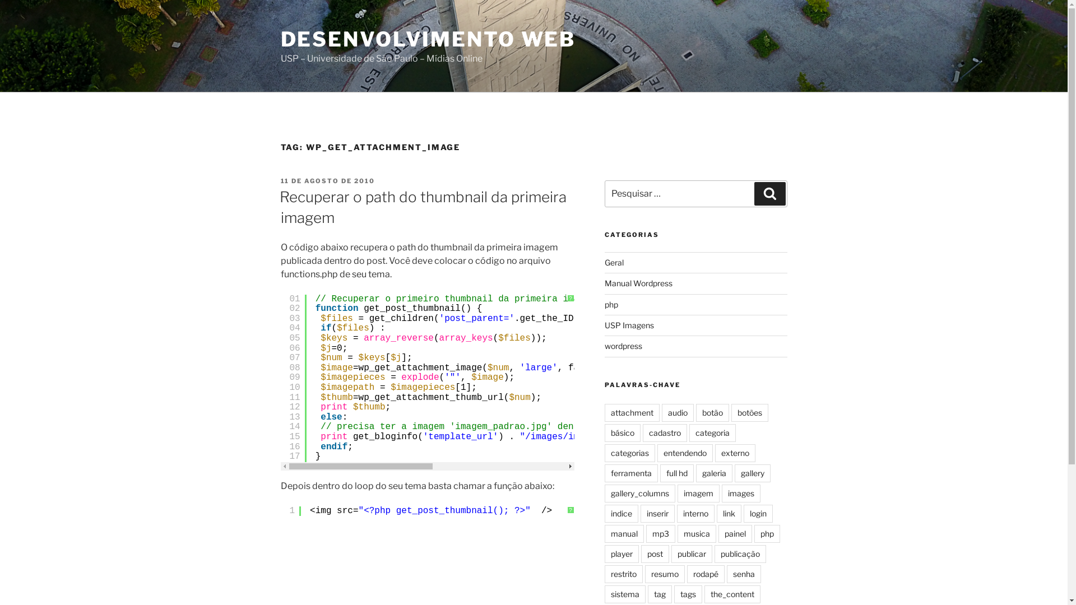  What do you see at coordinates (631, 473) in the screenshot?
I see `'ferramenta'` at bounding box center [631, 473].